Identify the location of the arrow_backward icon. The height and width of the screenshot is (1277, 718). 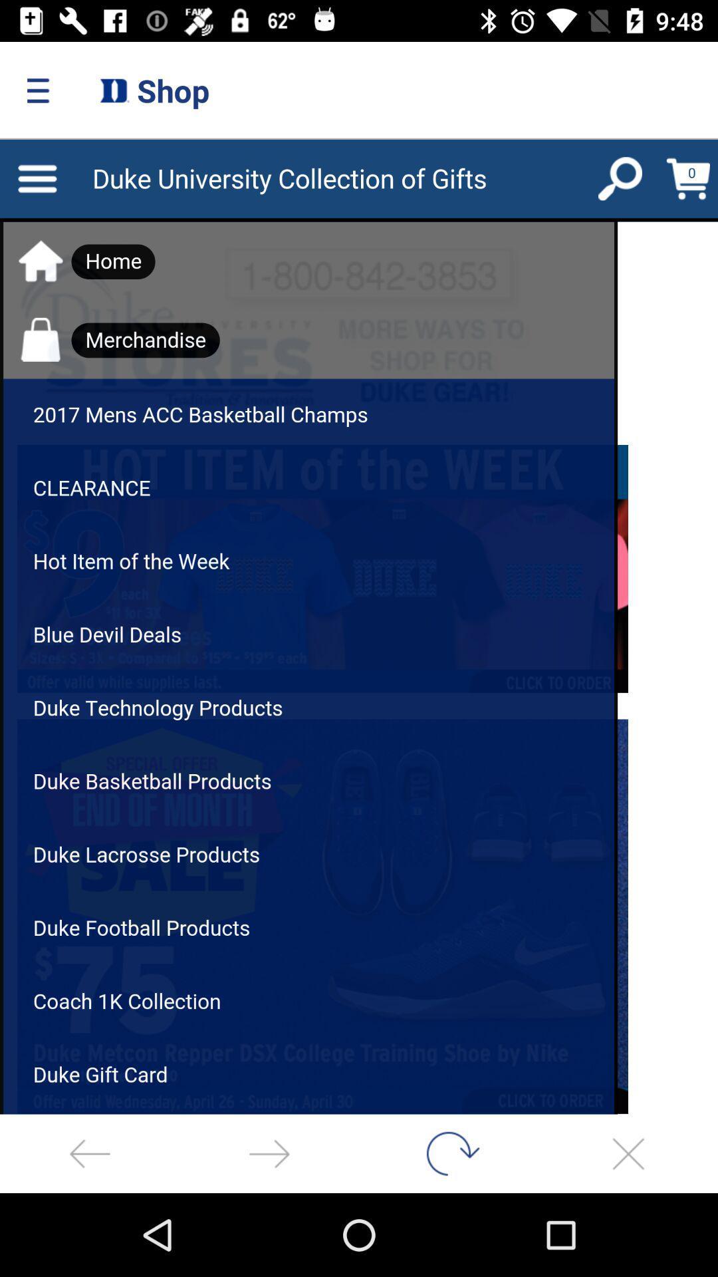
(90, 1153).